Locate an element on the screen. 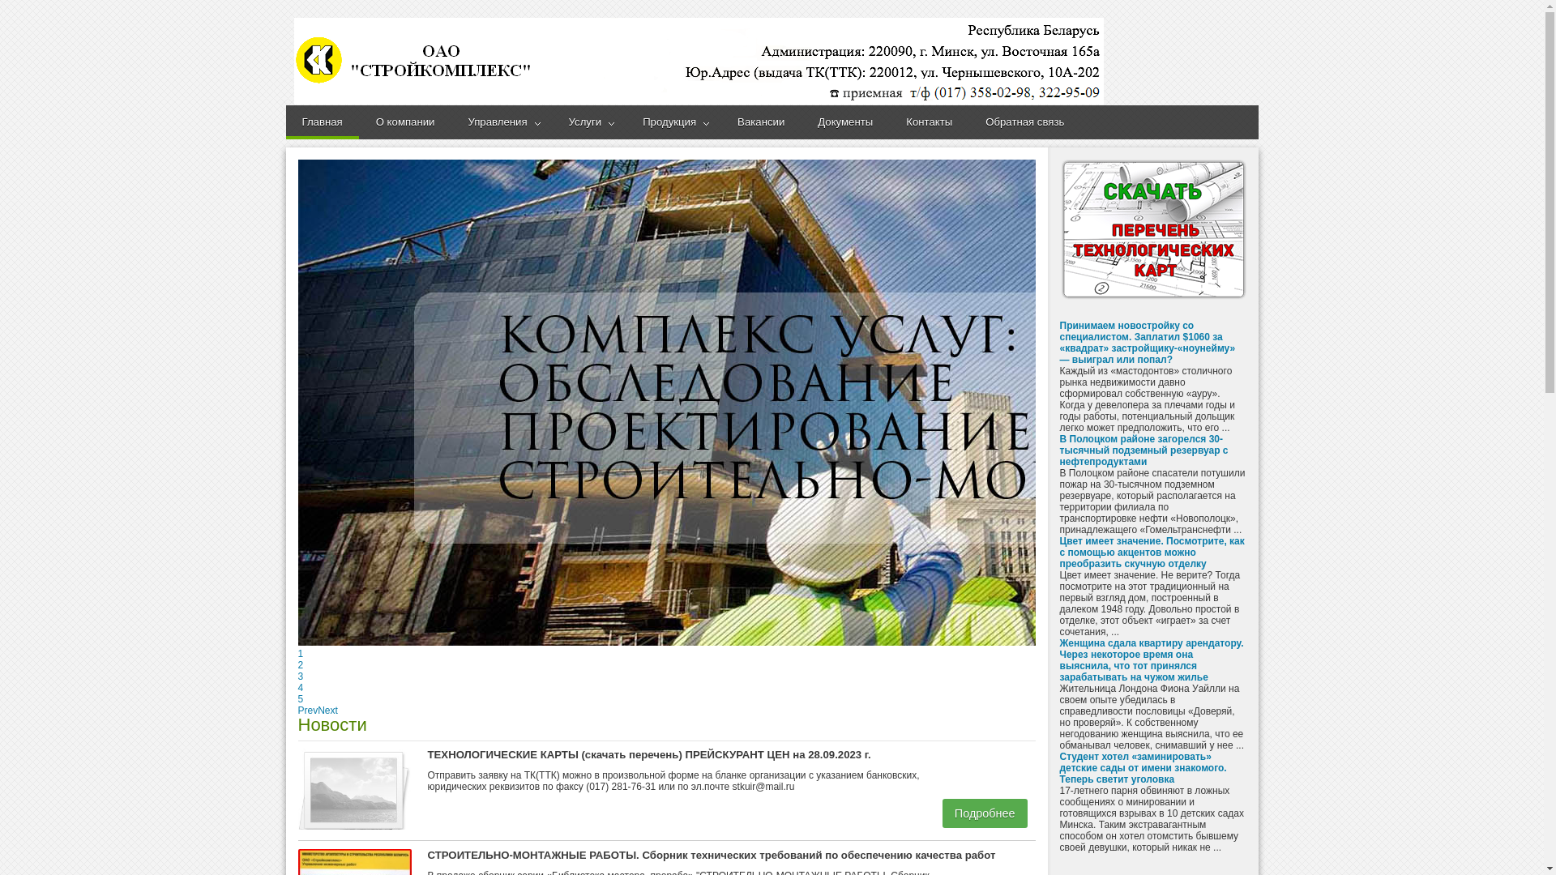 The height and width of the screenshot is (875, 1556). '4' is located at coordinates (301, 687).